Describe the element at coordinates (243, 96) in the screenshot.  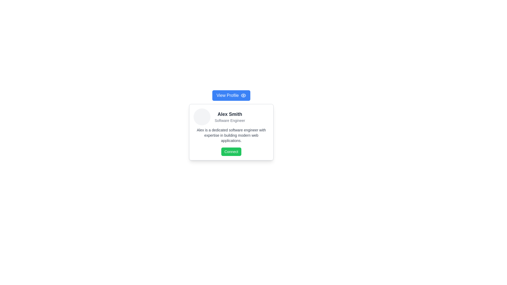
I see `the eye icon located at the center of the 'View Profile' button, which serves as a visual cue for accessing the profile` at that location.